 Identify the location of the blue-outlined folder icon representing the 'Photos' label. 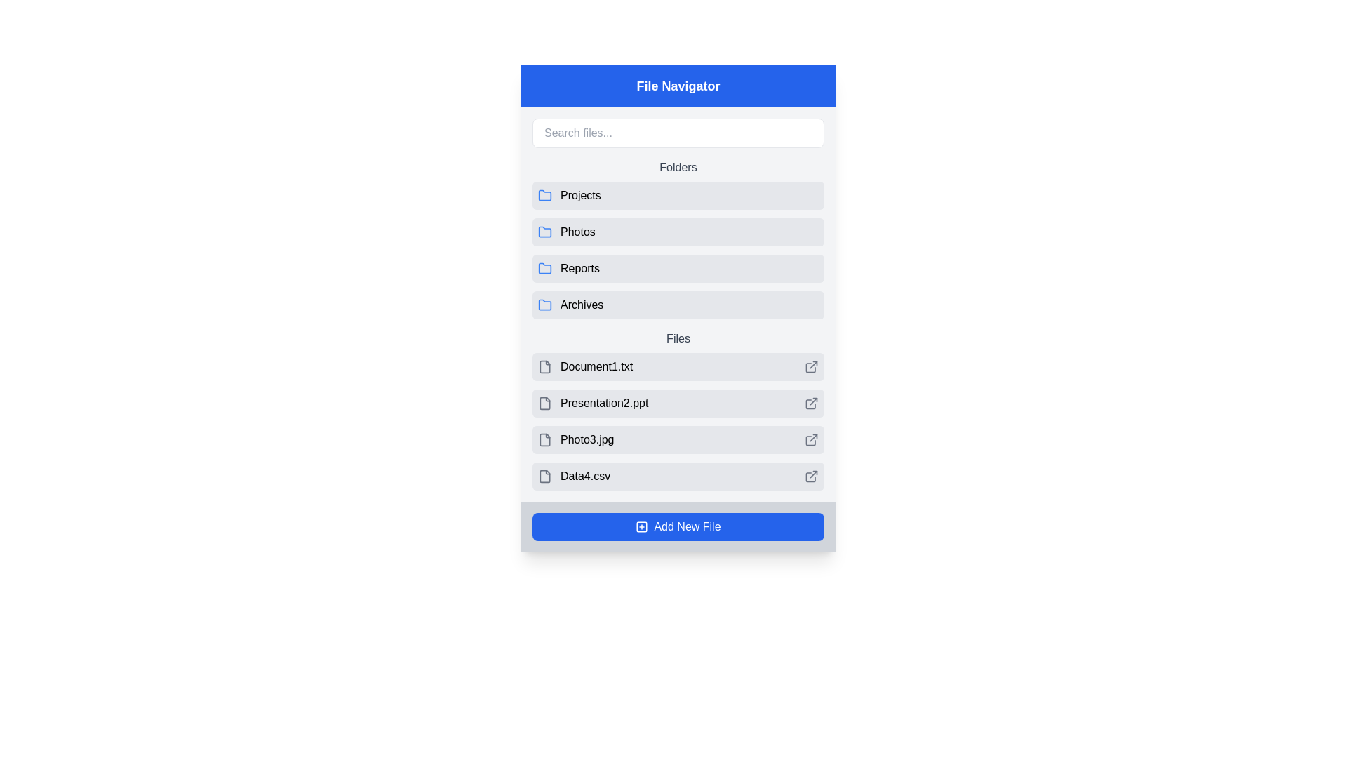
(544, 232).